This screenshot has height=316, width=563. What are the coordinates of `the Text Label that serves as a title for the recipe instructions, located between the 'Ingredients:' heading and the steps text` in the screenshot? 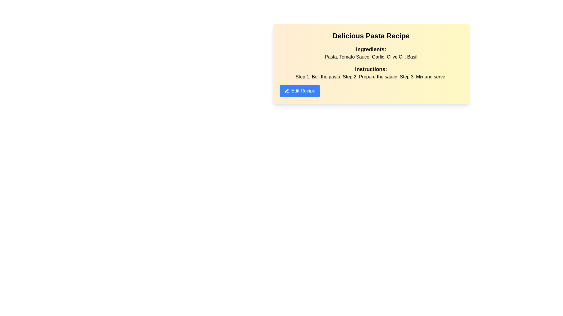 It's located at (371, 69).